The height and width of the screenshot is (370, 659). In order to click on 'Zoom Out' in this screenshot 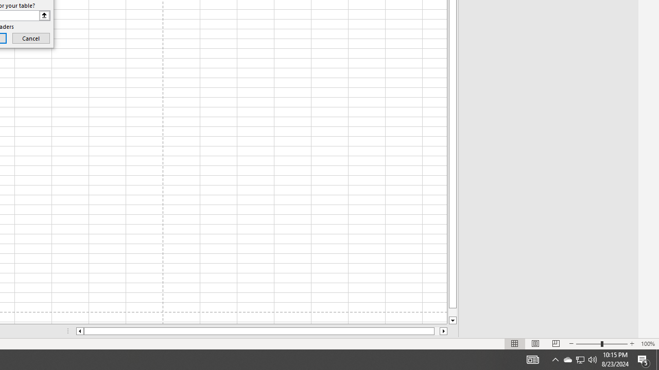, I will do `click(588, 344)`.